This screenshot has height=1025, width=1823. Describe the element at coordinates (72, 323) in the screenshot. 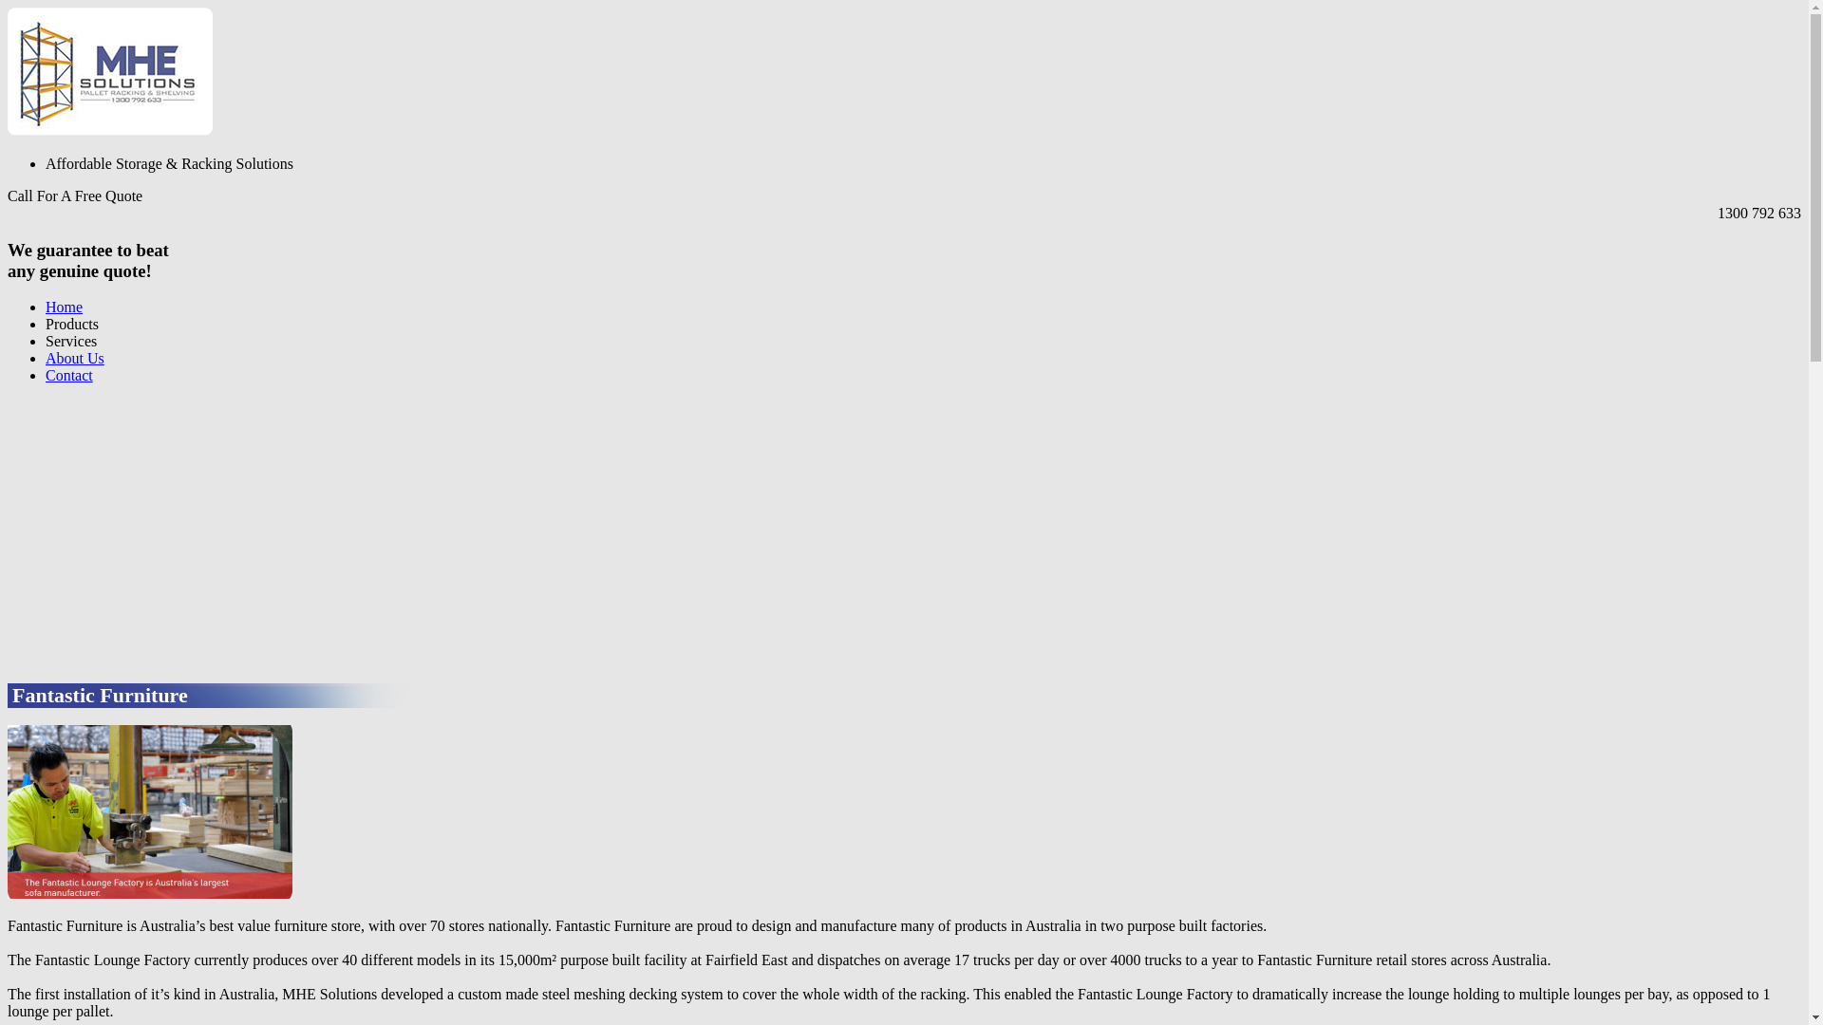

I see `'Products'` at that location.